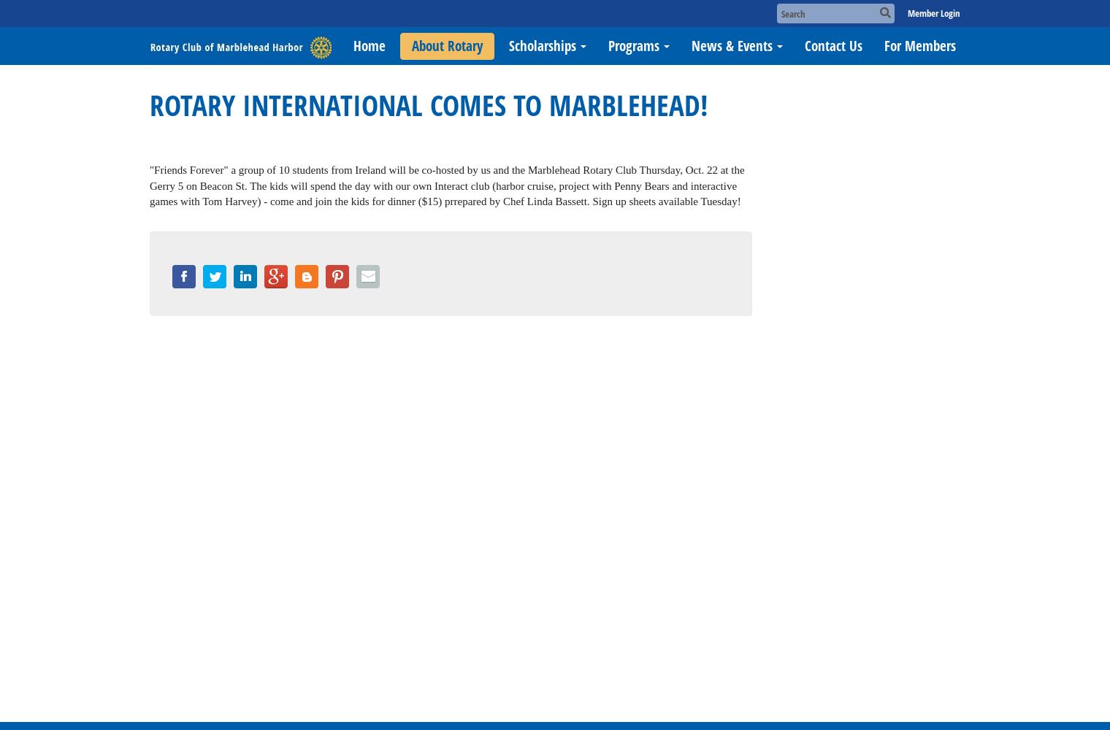 This screenshot has width=1110, height=730. I want to click on 'ROTARY INTERNATIONAL COMES TO MARBLEHEAD!', so click(428, 104).